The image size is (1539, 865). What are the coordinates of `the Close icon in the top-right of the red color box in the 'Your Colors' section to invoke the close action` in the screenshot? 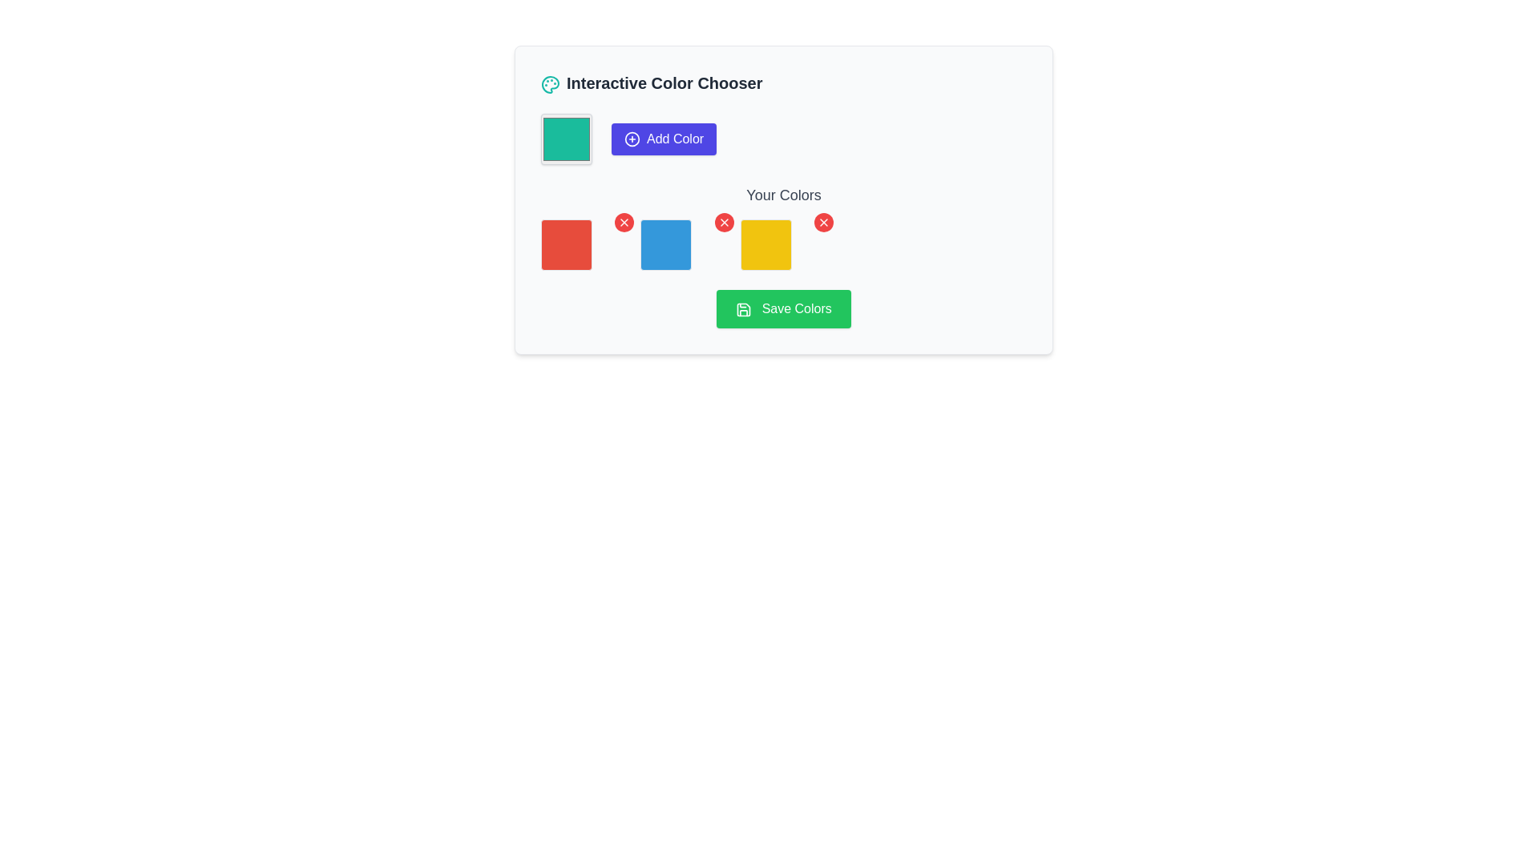 It's located at (624, 222).